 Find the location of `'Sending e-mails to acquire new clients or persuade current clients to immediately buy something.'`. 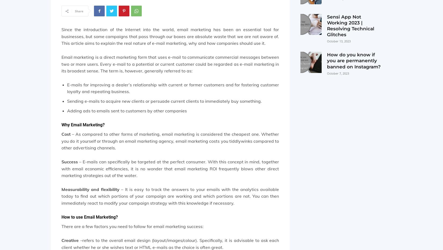

'Sending e-mails to acquire new clients or persuade current clients to immediately buy something.' is located at coordinates (67, 100).